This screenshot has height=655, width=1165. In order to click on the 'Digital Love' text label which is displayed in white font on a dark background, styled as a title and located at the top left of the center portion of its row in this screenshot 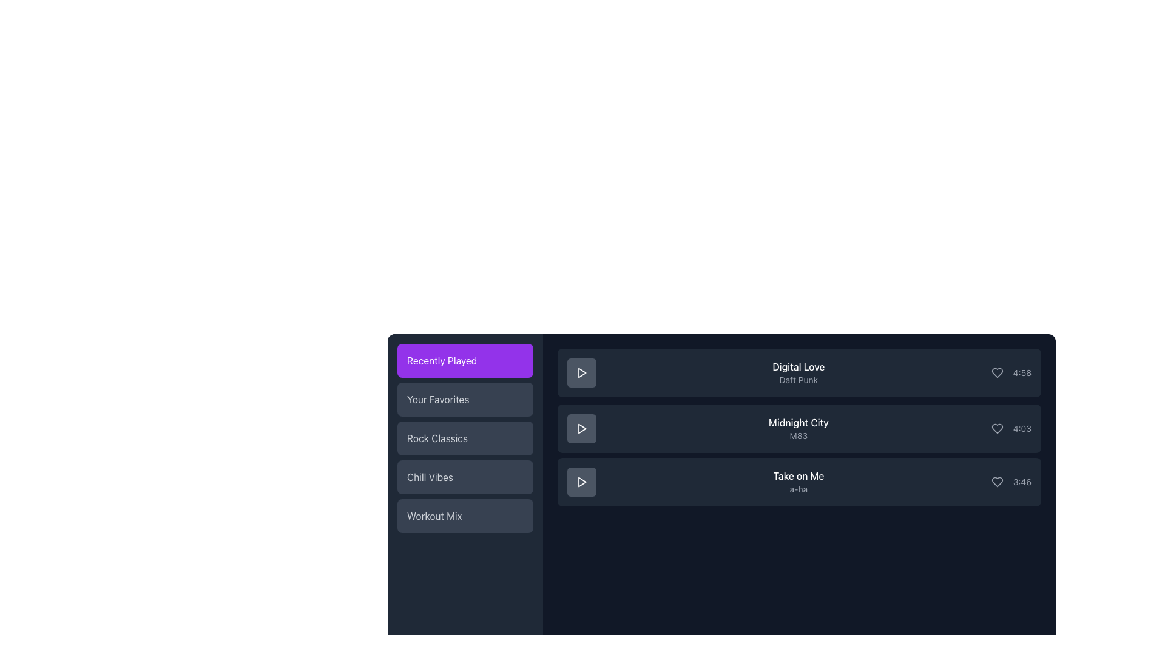, I will do `click(799, 366)`.